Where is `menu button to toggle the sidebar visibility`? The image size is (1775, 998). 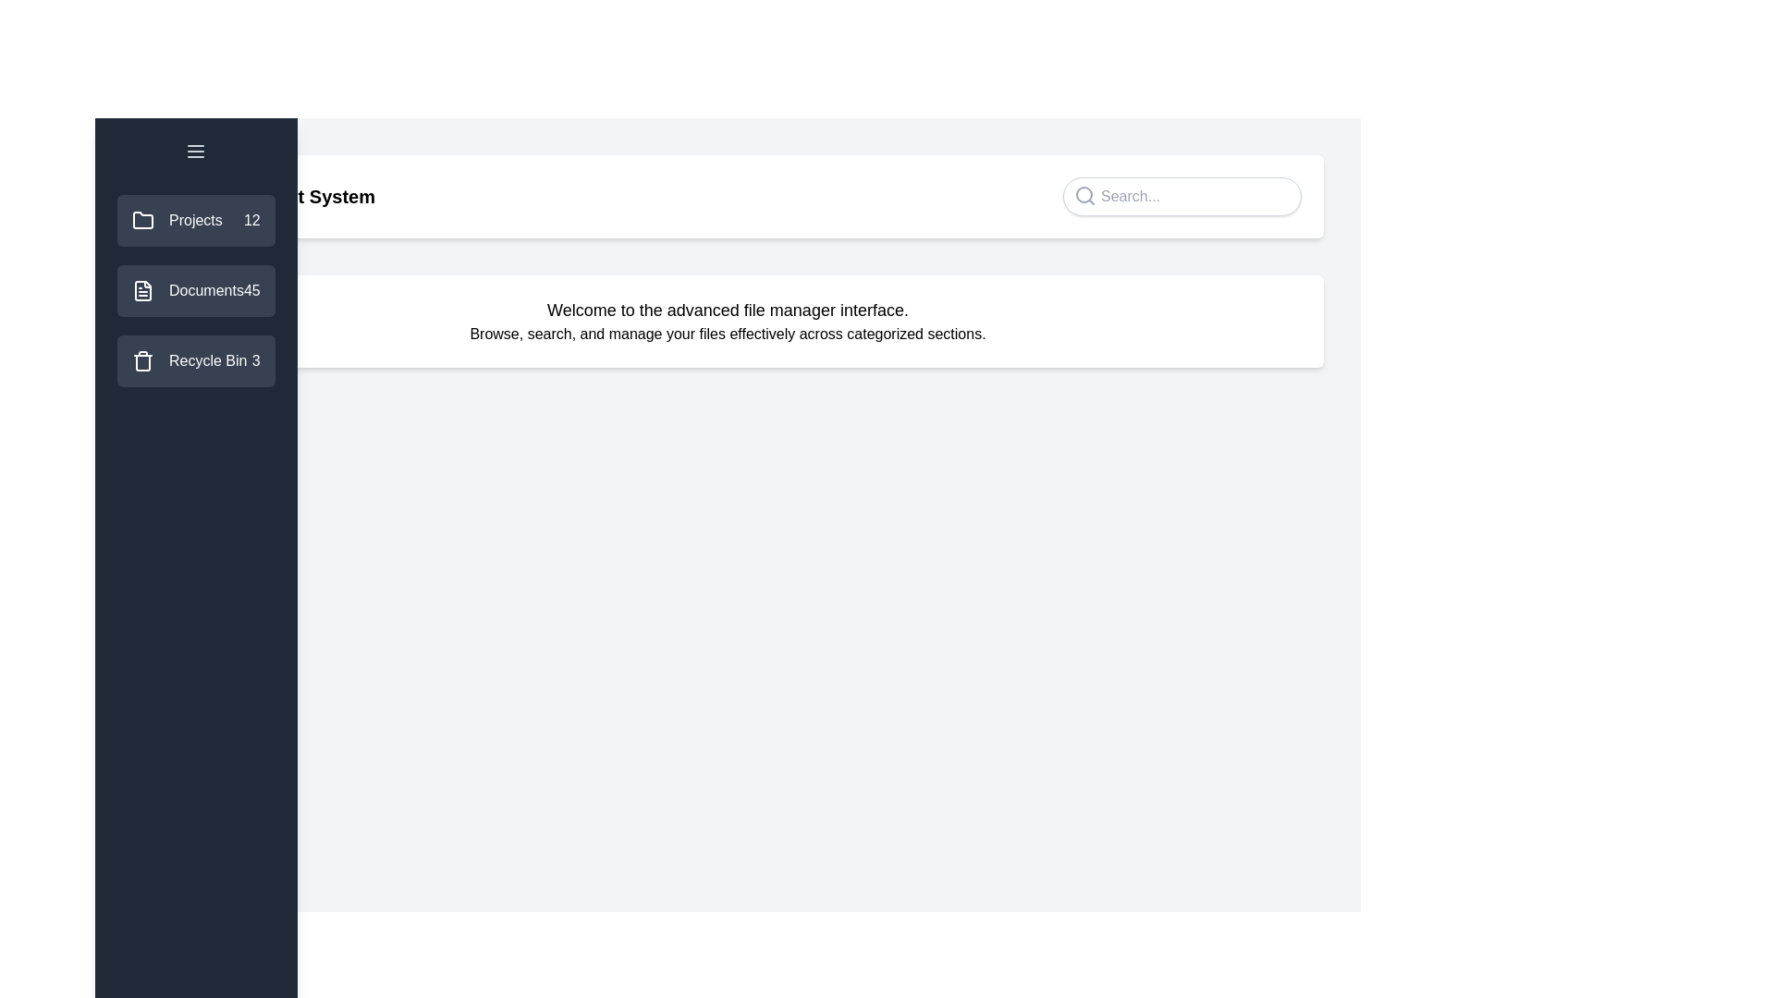
menu button to toggle the sidebar visibility is located at coordinates (195, 151).